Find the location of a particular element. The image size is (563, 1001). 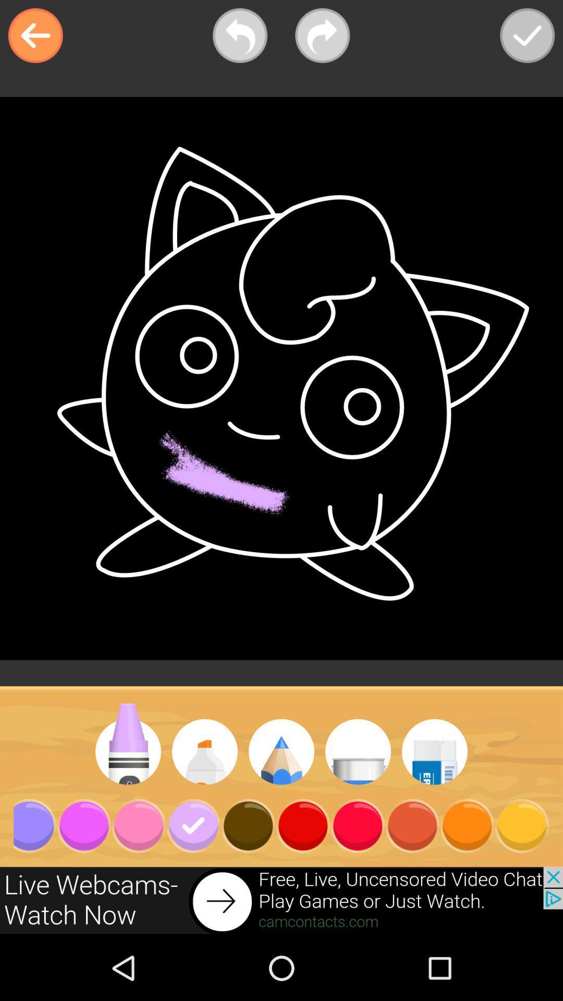

go do selakt is located at coordinates (527, 35).